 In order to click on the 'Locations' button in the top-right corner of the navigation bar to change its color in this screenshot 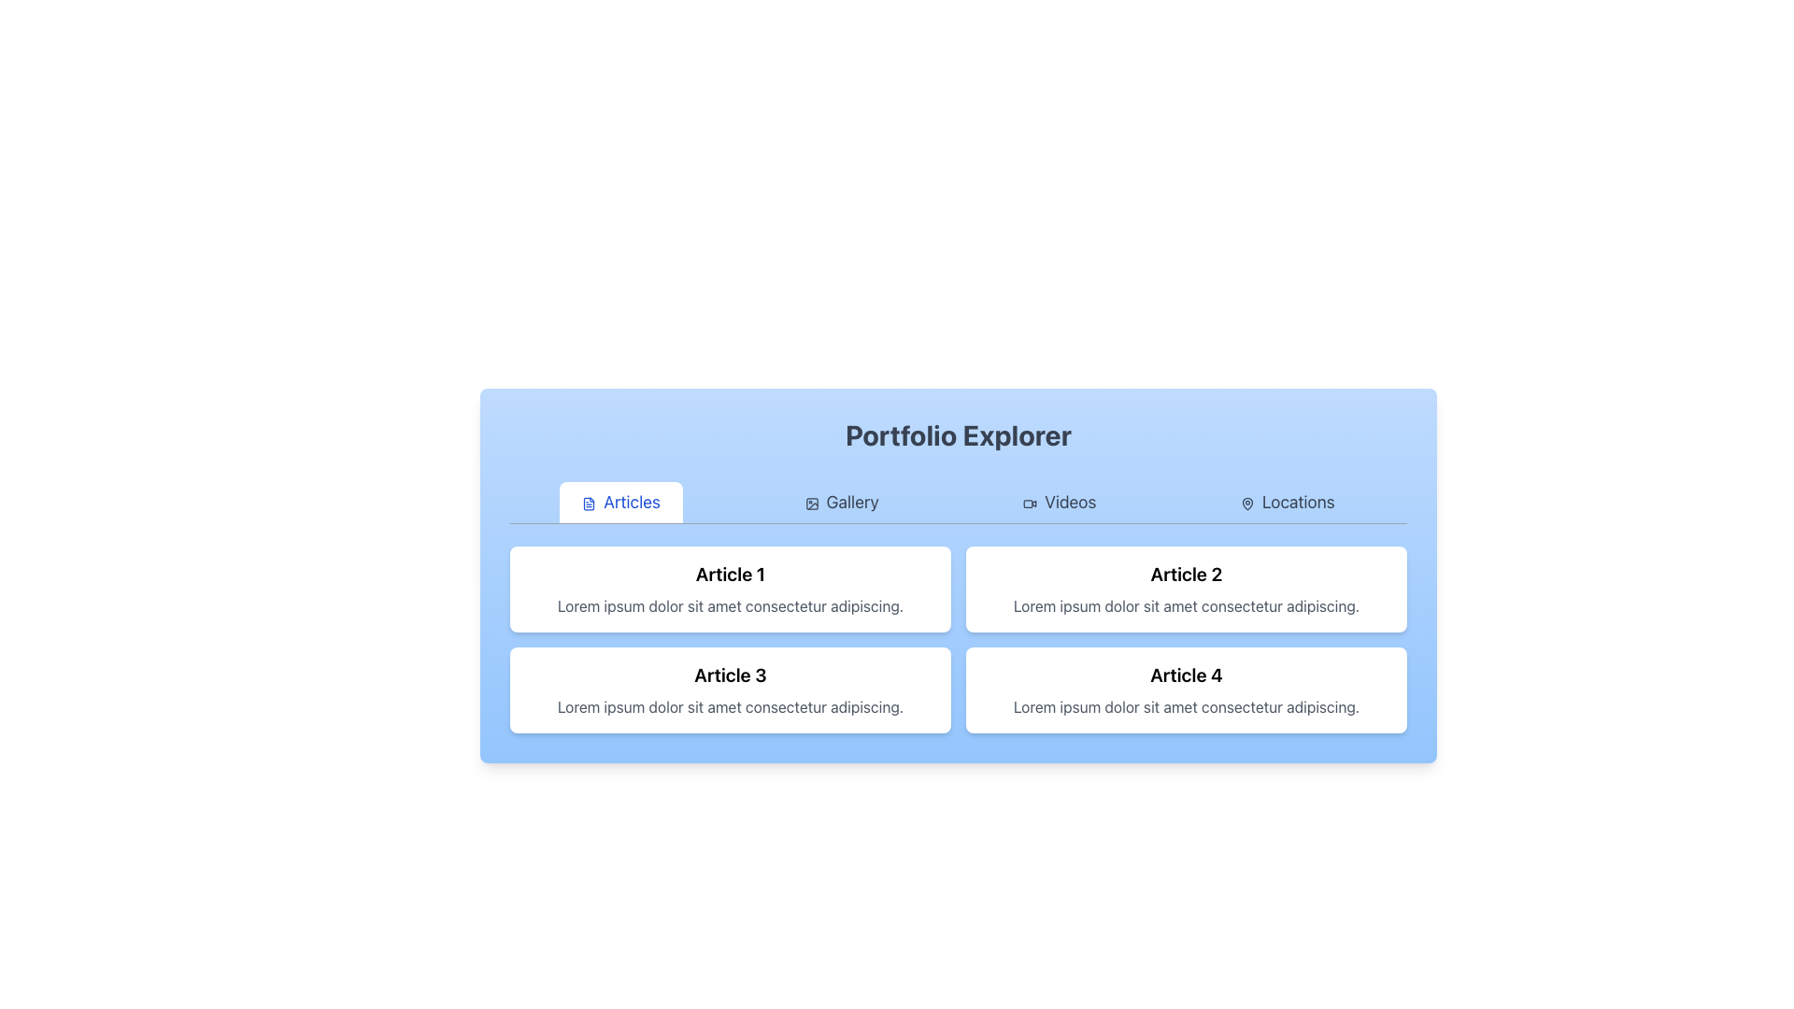, I will do `click(1287, 501)`.